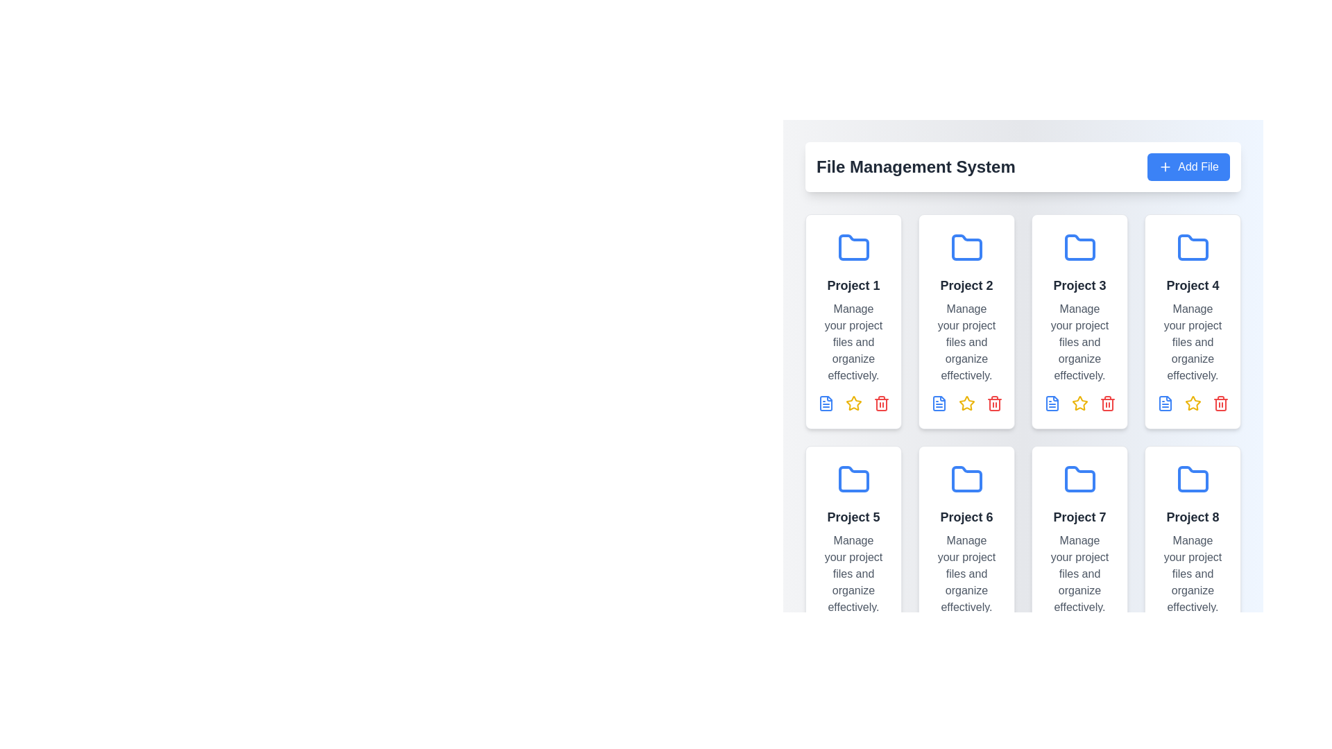  Describe the element at coordinates (853, 553) in the screenshot. I see `the card representing 'Project 5', located in the second row, first column of the grid structure` at that location.